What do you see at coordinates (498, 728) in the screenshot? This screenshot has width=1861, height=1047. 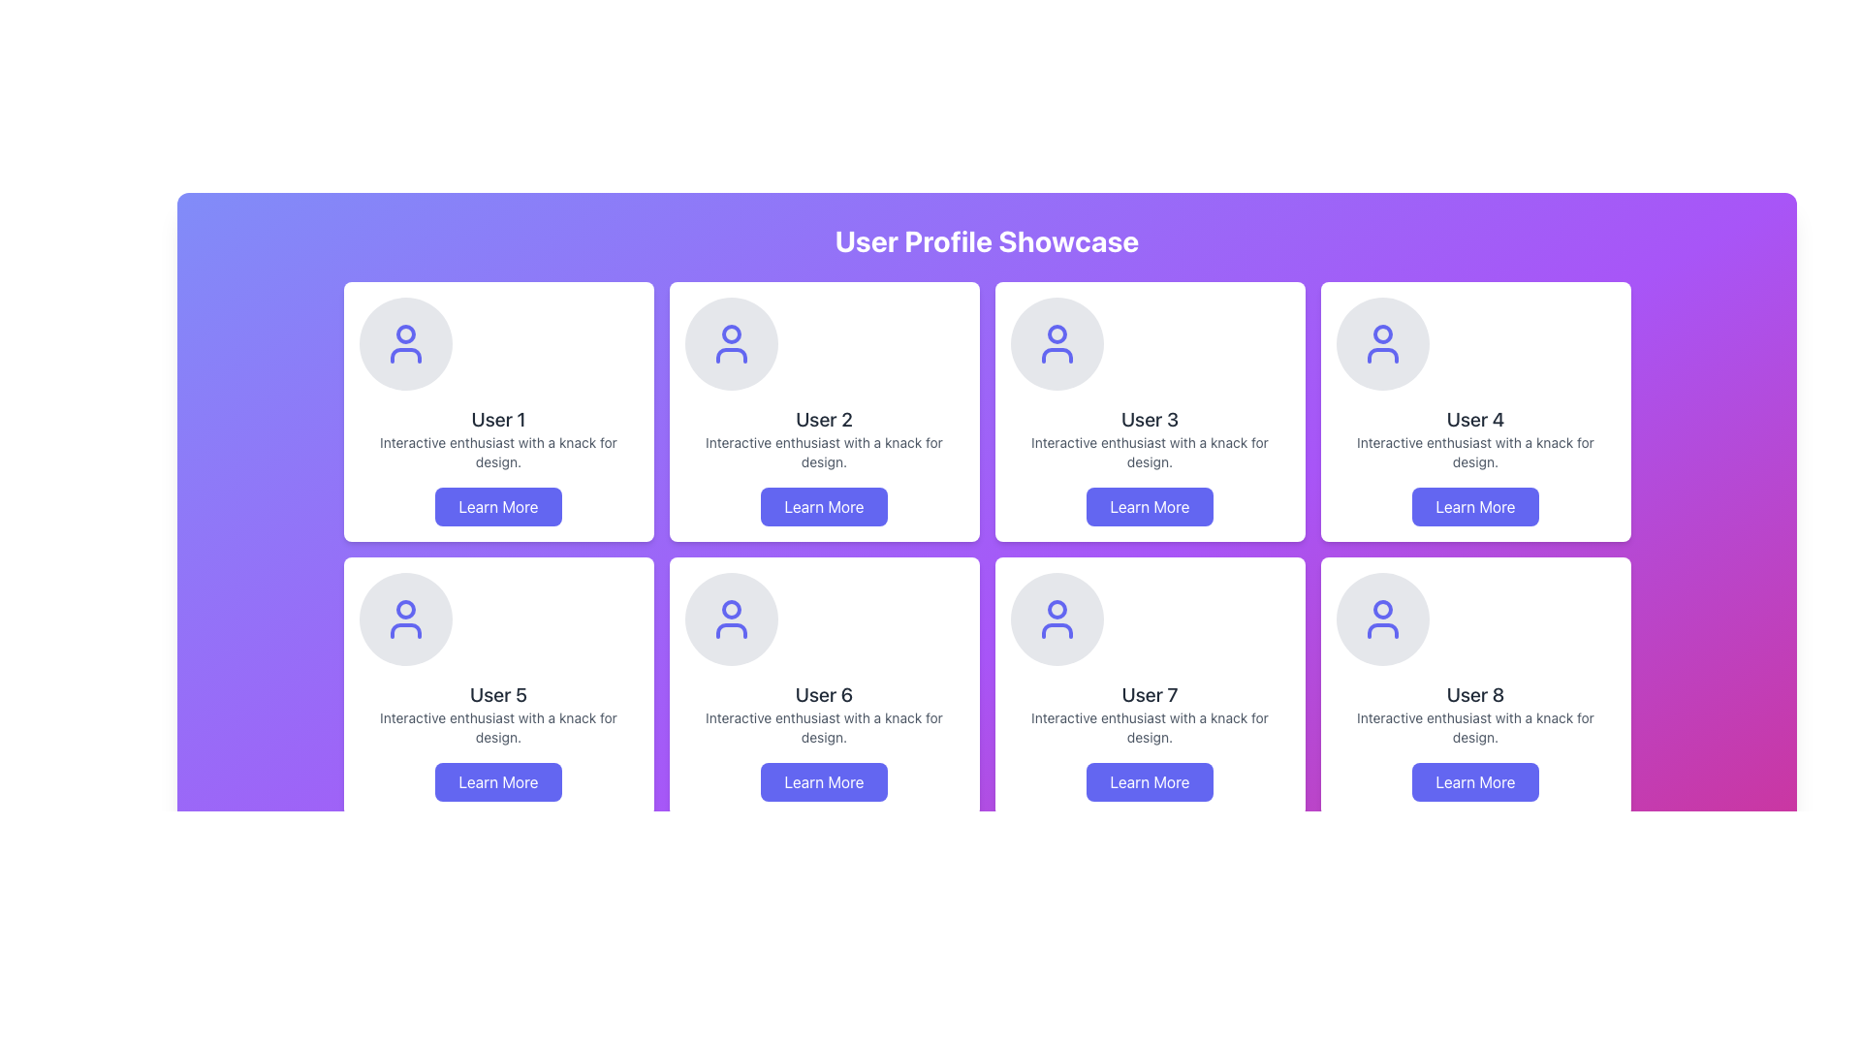 I see `the text block displaying 'Interactive enthusiast with a knack for design.' located below the user's name and above the 'Learn More' button in the 'User 5' card` at bounding box center [498, 728].